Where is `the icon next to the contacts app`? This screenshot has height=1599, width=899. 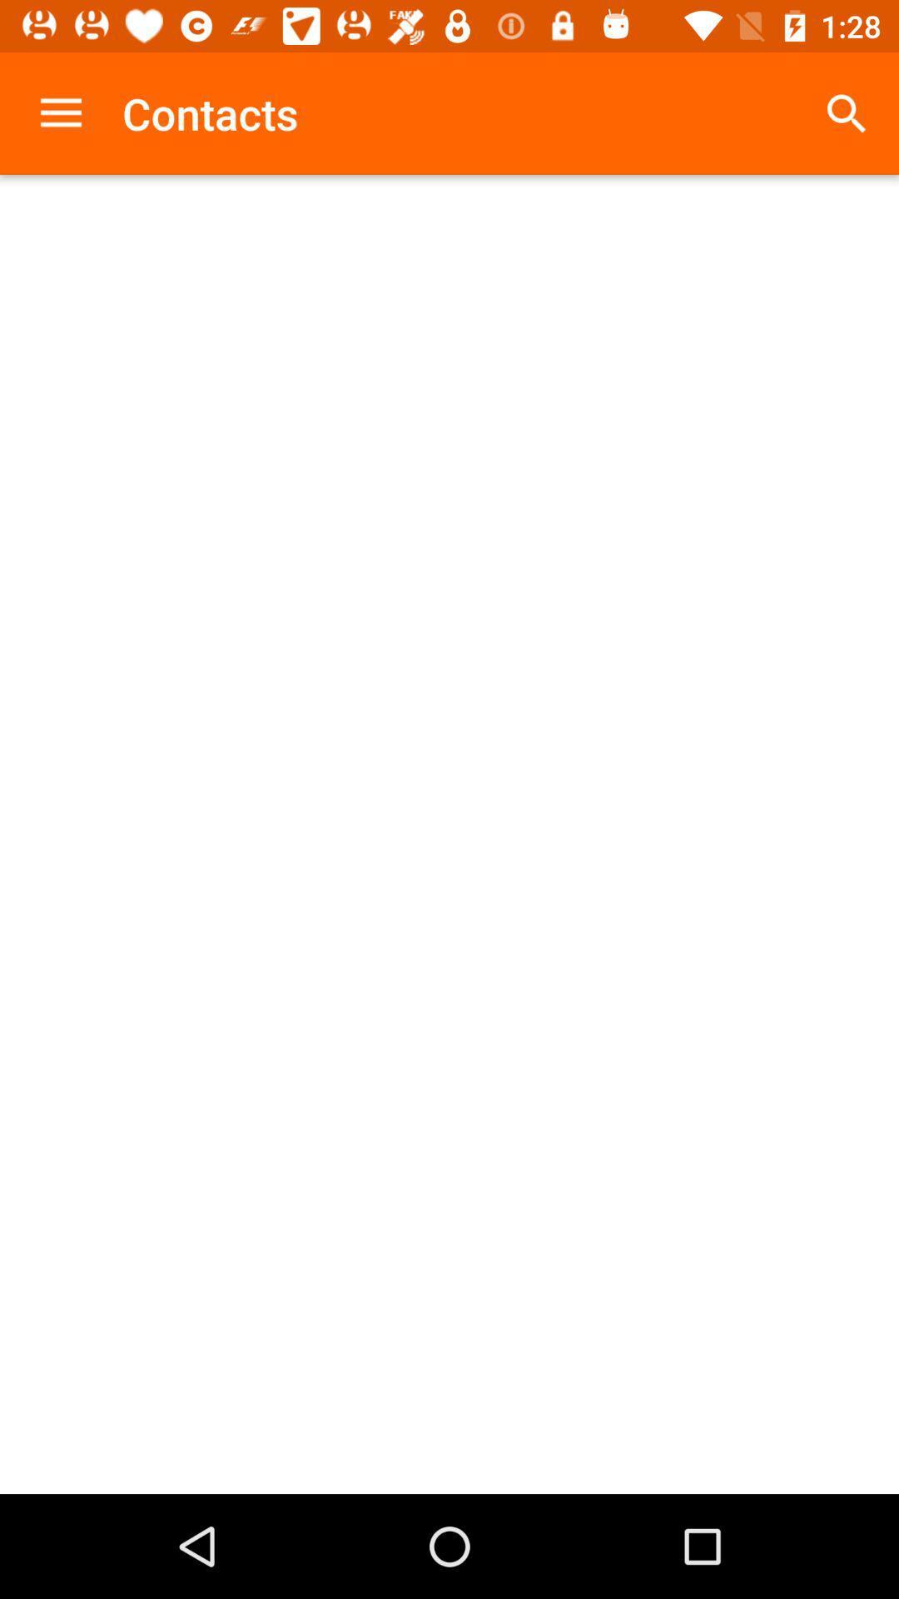
the icon next to the contacts app is located at coordinates (60, 112).